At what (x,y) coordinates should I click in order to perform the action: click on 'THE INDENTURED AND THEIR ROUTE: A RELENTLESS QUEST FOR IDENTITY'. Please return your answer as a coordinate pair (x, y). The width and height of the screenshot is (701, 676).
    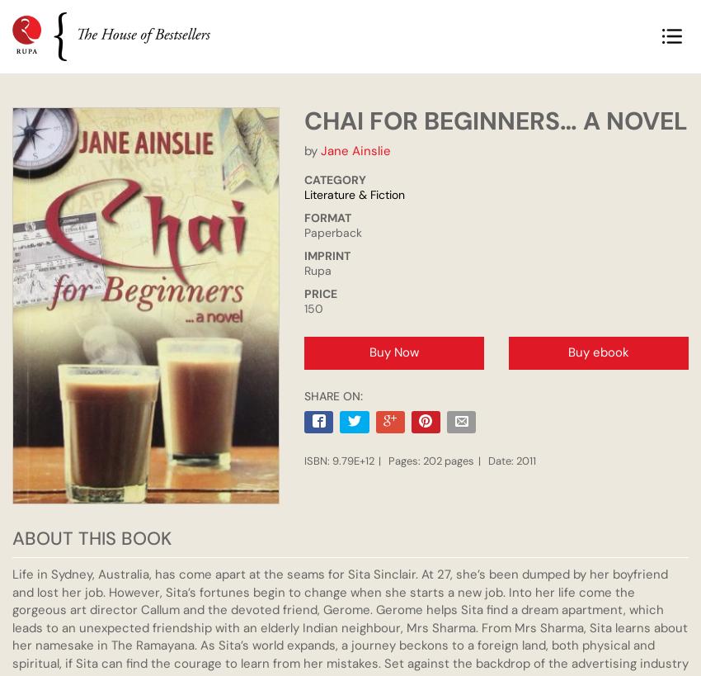
    Looking at the image, I should click on (350, 248).